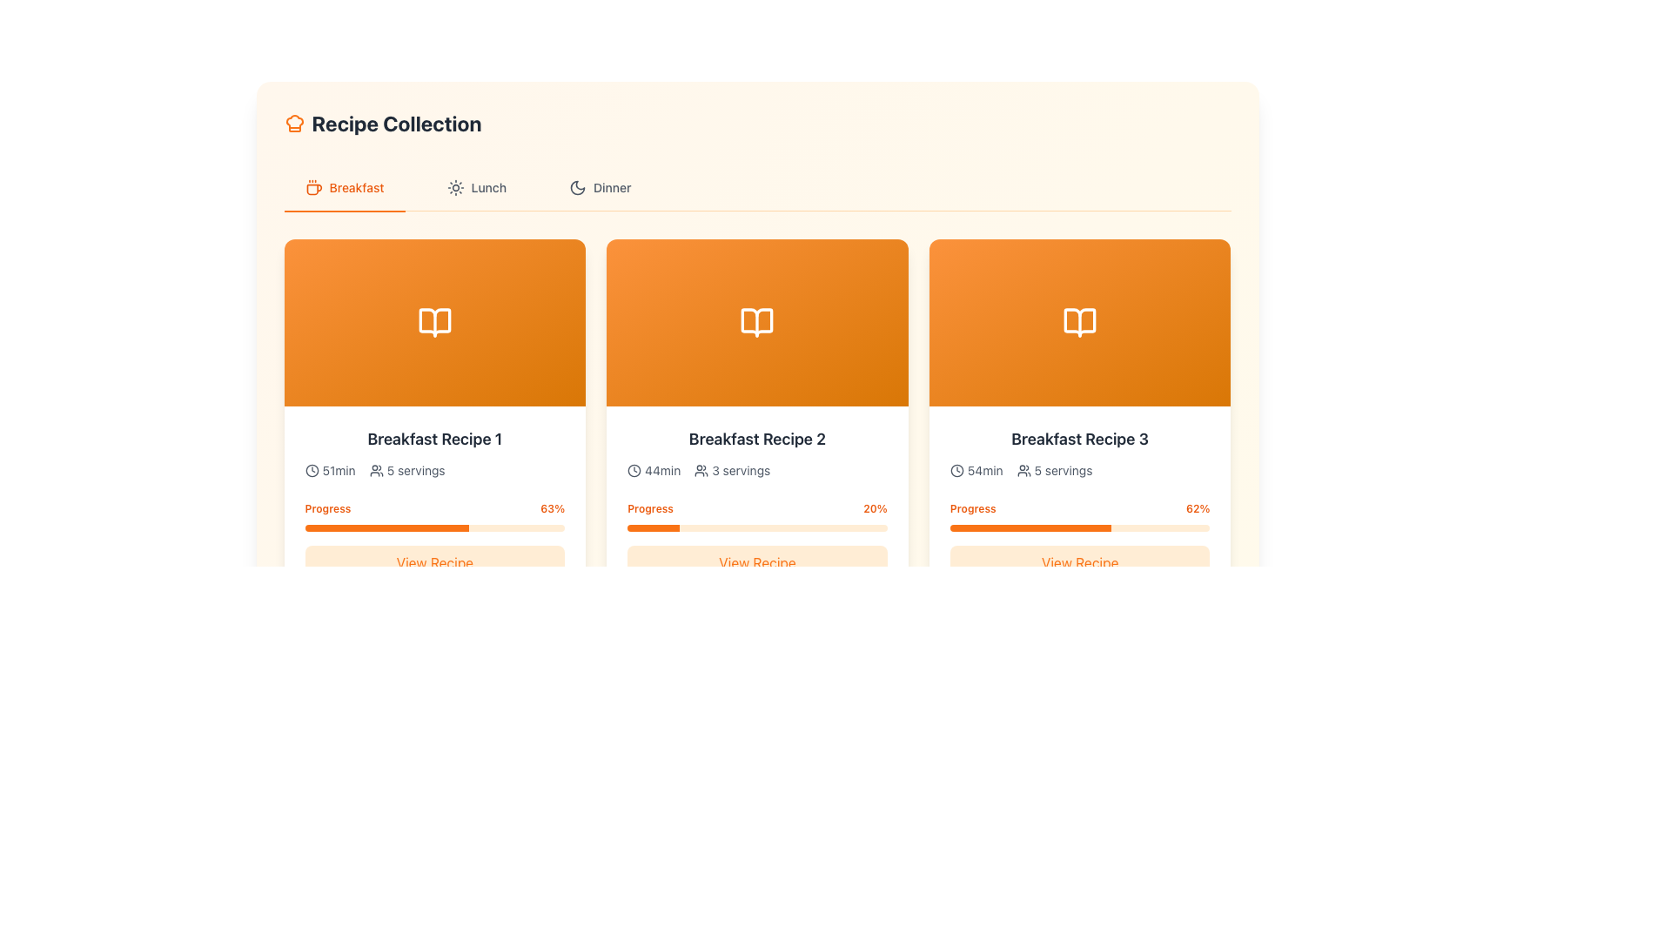 The height and width of the screenshot is (940, 1671). Describe the element at coordinates (732, 470) in the screenshot. I see `the Text Label with Icon that indicates the number of servings for the recipe, located to the right of the '44min' time information under the title 'Breakfast Recipe 2'` at that location.